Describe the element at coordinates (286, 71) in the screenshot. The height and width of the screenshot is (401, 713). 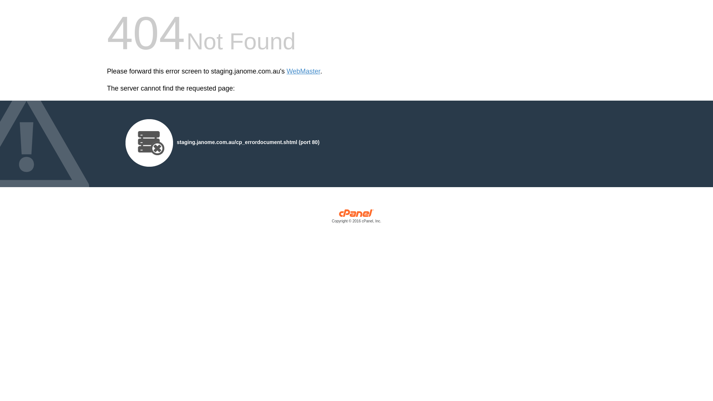
I see `'WebMaster'` at that location.